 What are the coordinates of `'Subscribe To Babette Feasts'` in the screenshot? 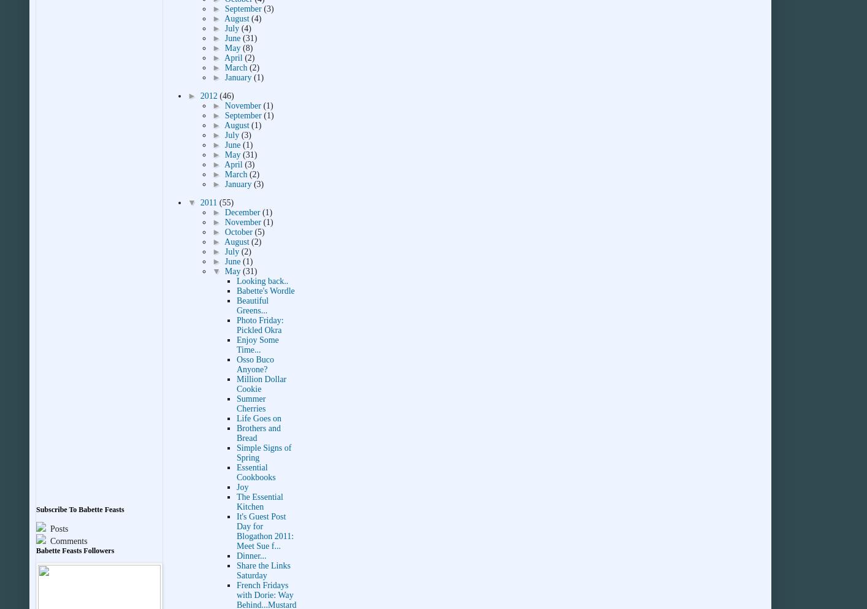 It's located at (79, 510).